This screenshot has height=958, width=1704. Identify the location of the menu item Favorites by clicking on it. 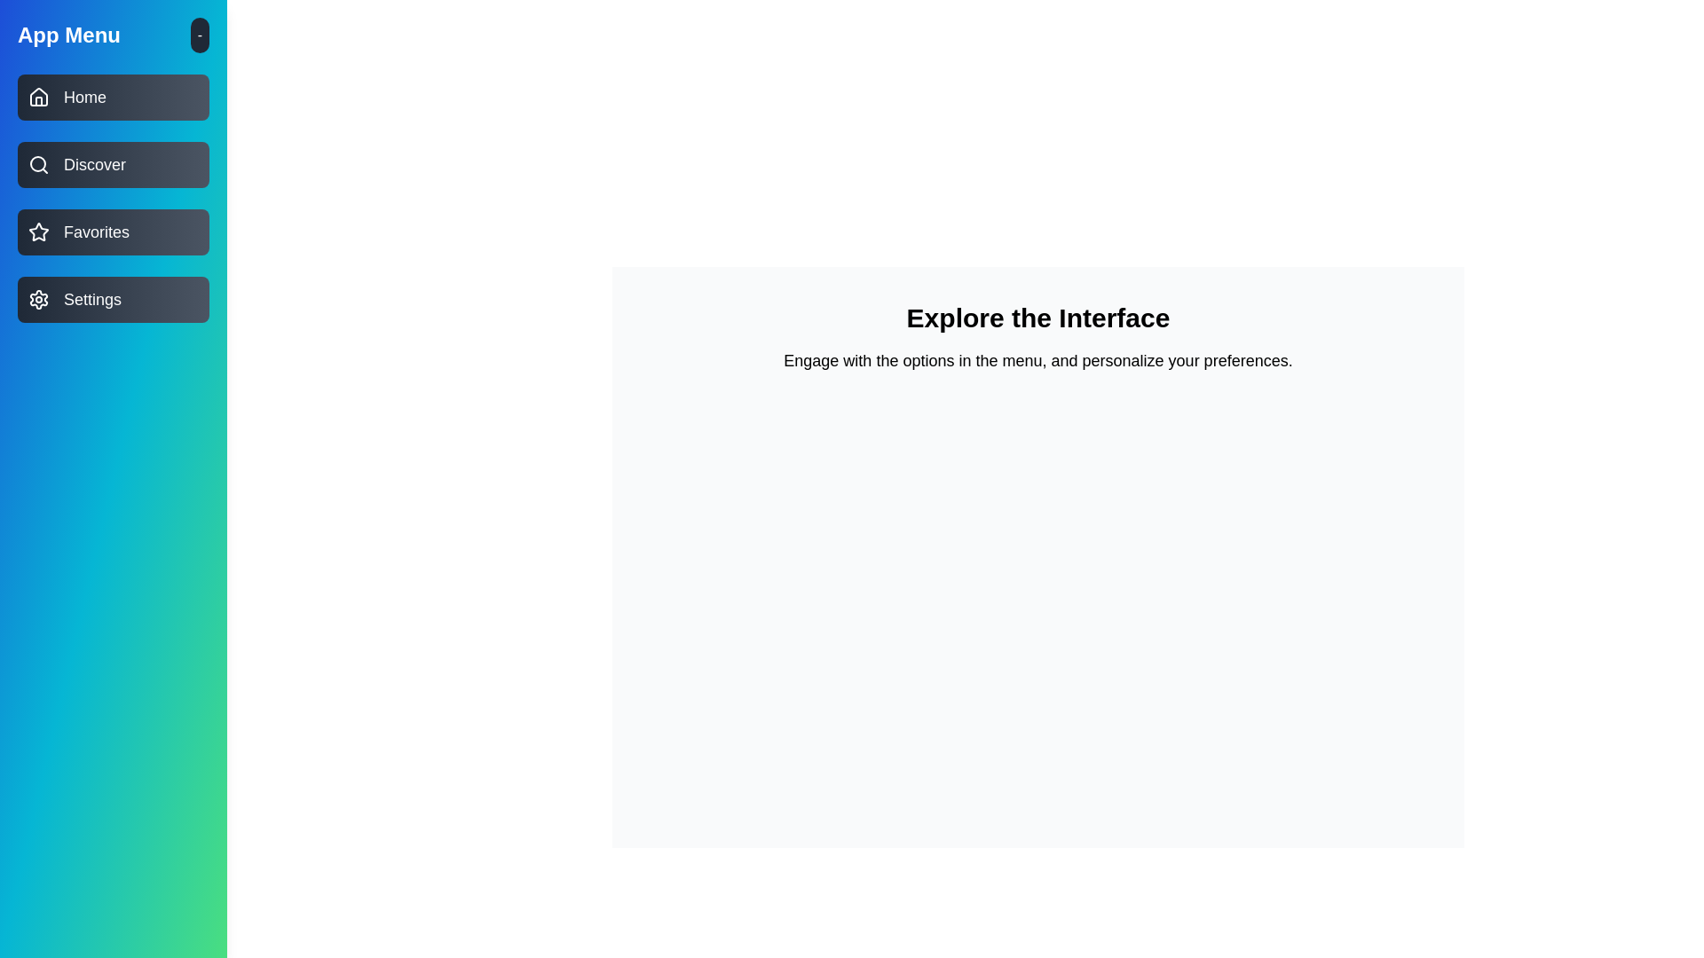
(113, 232).